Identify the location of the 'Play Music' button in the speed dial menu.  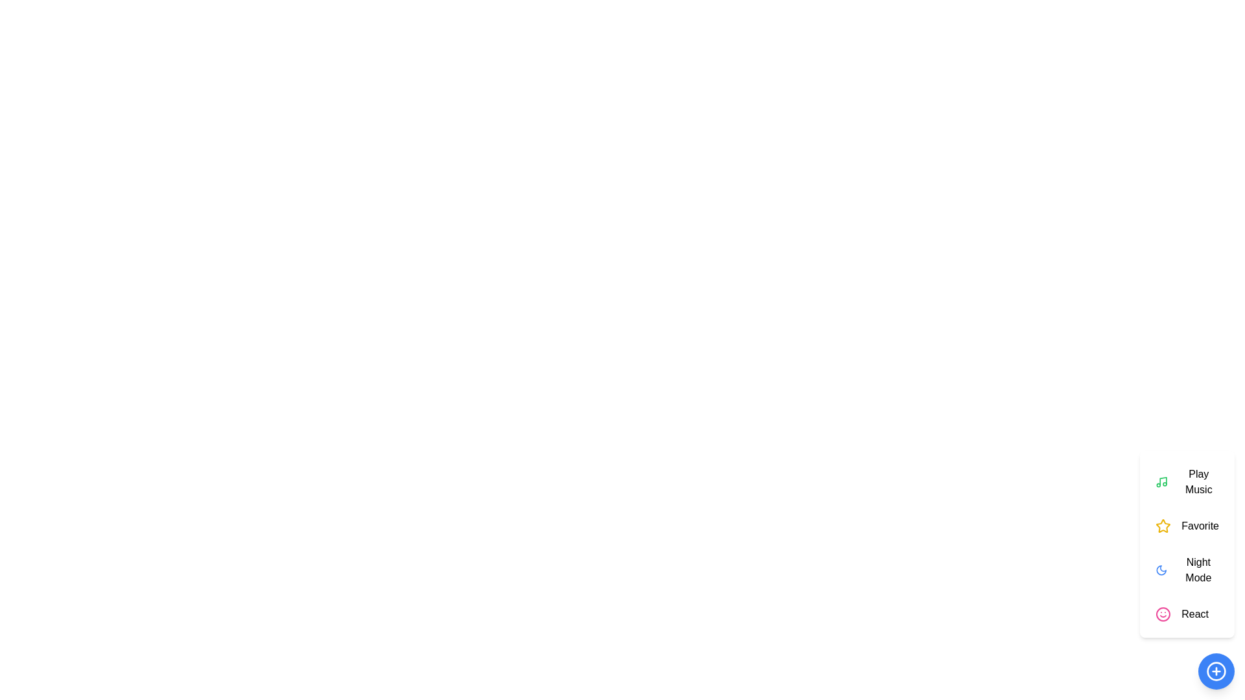
(1187, 482).